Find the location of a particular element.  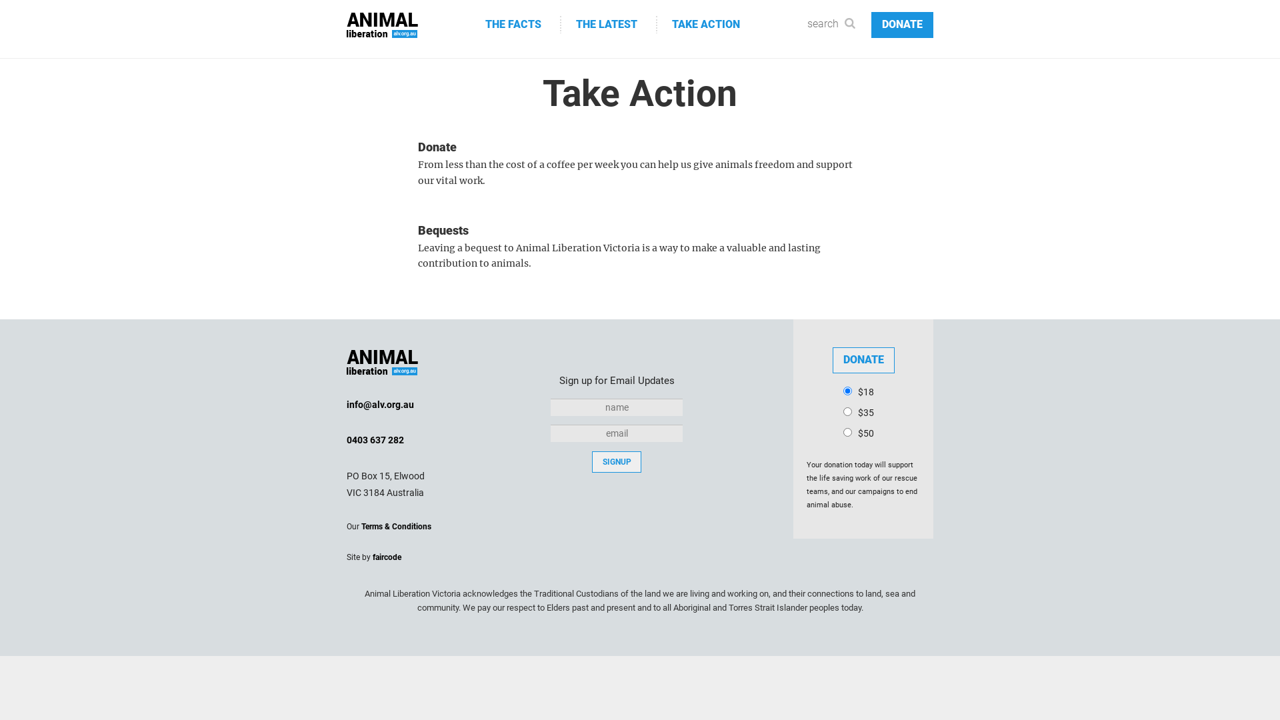

'Terms & Conditions' is located at coordinates (395, 526).